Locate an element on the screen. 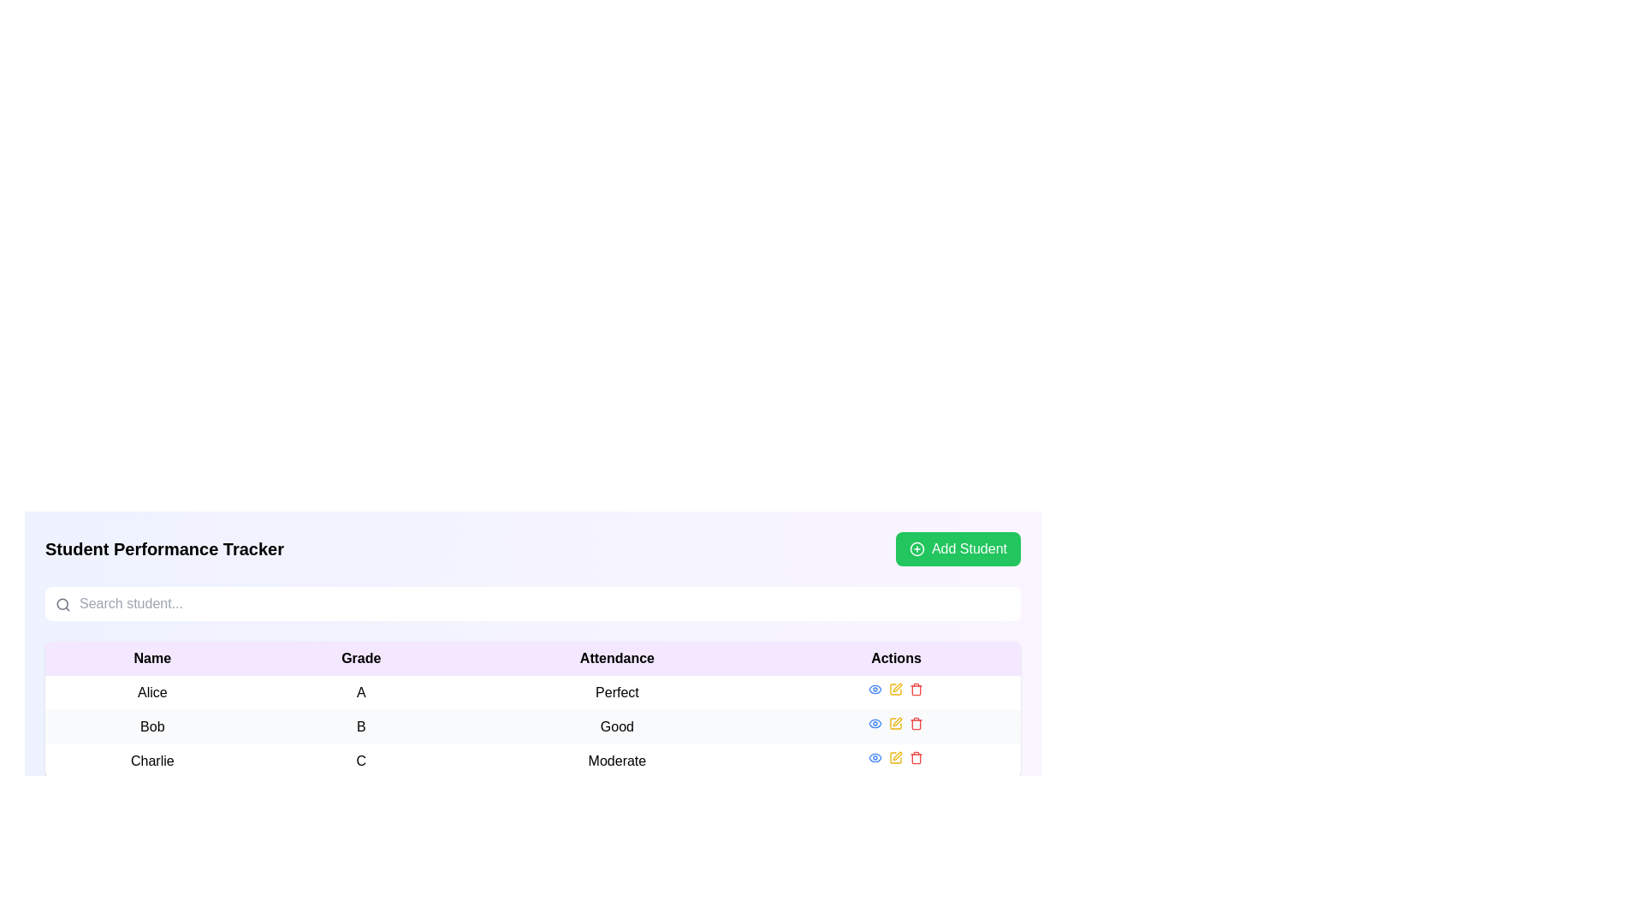 Image resolution: width=1643 pixels, height=924 pixels. the yellow pen icon button to initiate an edit action for the student named 'Bob', which is the second icon in a row of three action-related icons is located at coordinates (895, 723).